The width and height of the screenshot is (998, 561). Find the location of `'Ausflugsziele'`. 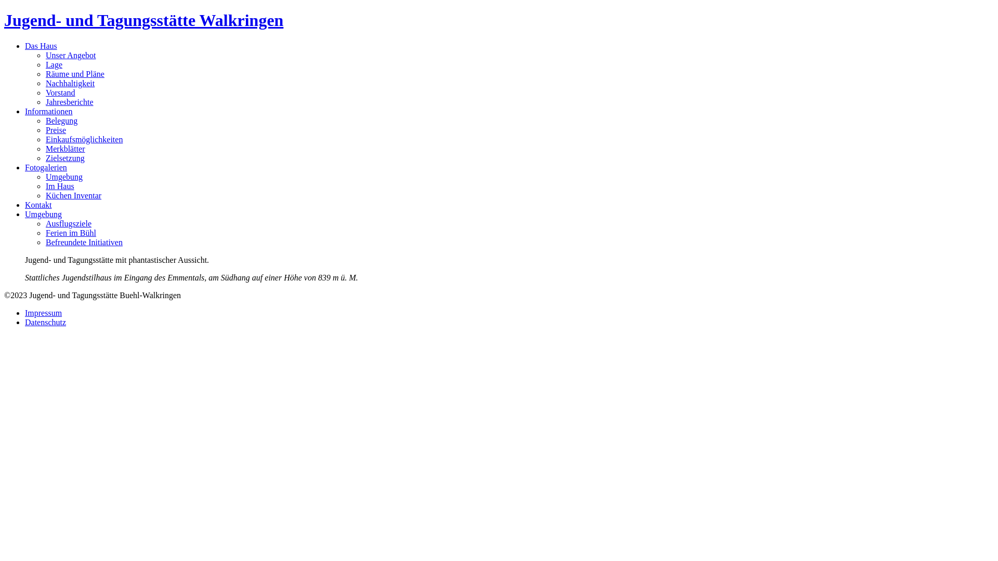

'Ausflugsziele' is located at coordinates (68, 223).